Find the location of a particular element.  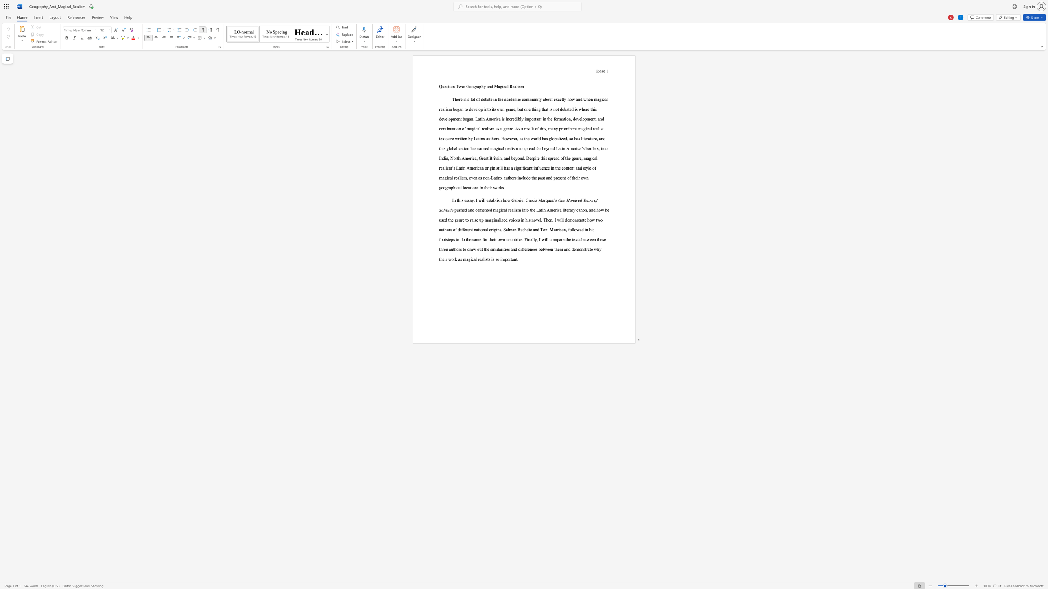

the subset text "ficant influenc" within the text "significant influence" is located at coordinates (522, 168).